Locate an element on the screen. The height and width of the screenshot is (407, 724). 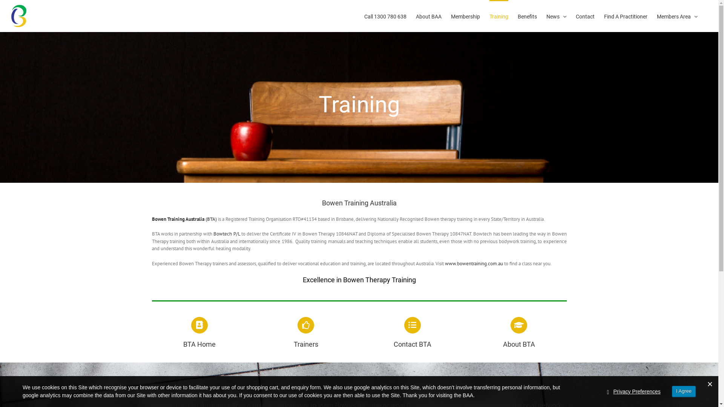
'Contact BTA' is located at coordinates (412, 332).